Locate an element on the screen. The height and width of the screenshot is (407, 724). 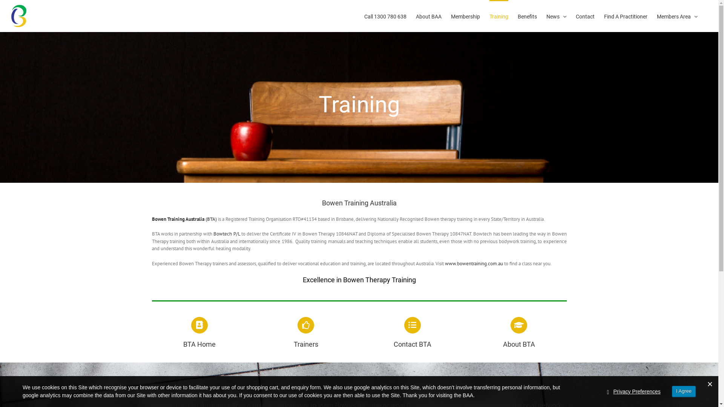
'Contact BTA' is located at coordinates (412, 332).